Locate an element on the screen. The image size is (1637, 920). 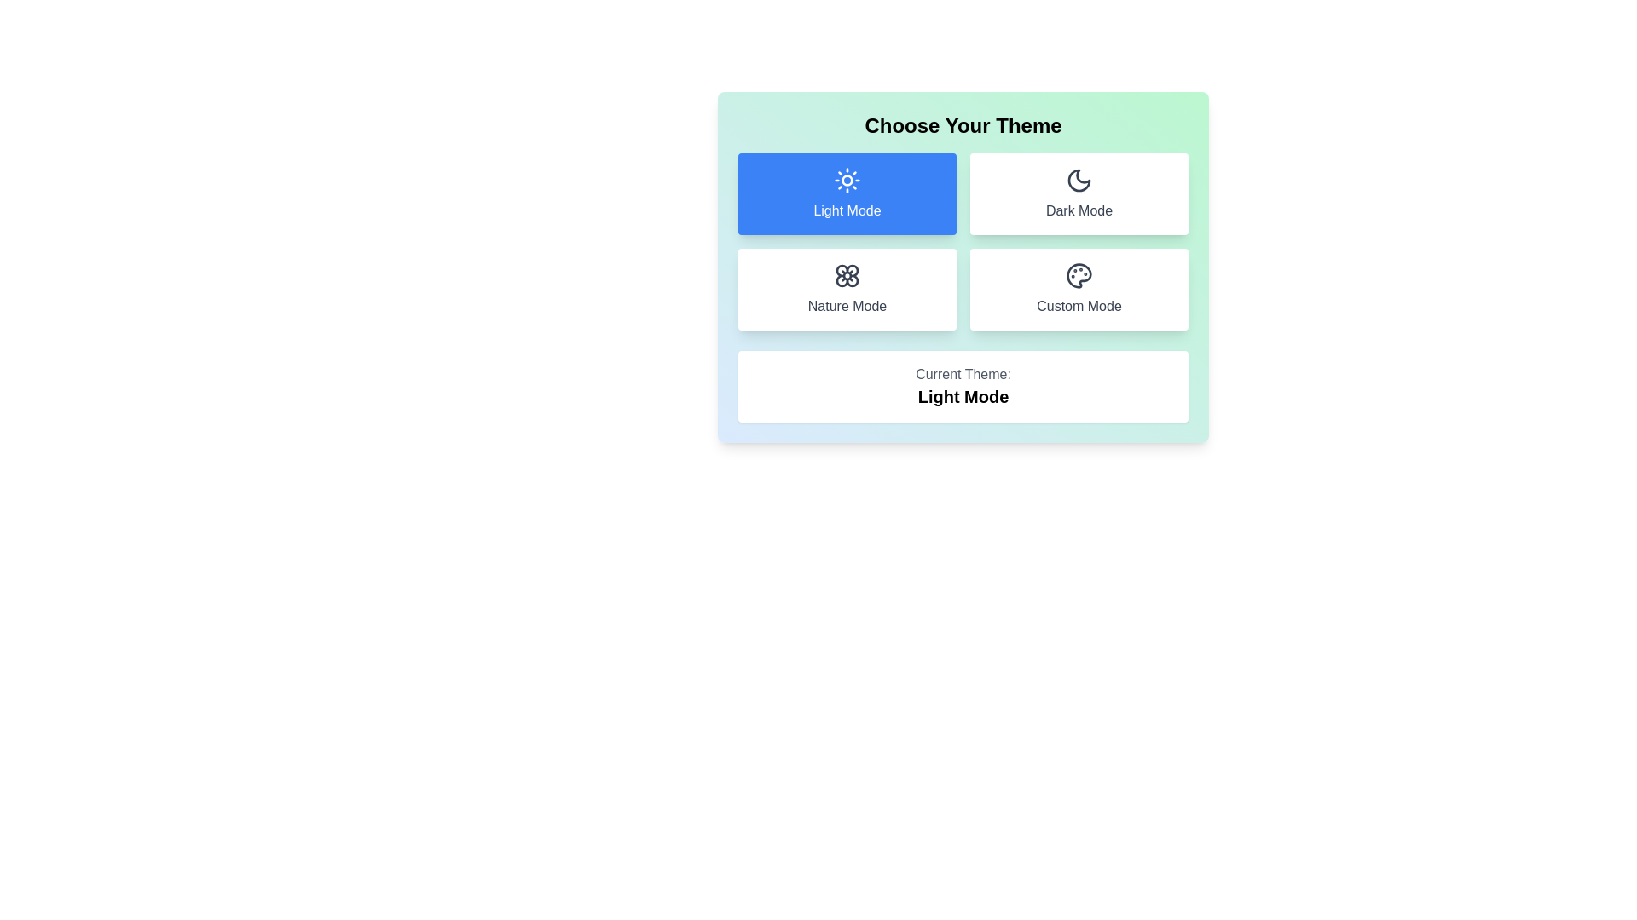
the theme by clicking the button corresponding to Nature Mode is located at coordinates (847, 288).